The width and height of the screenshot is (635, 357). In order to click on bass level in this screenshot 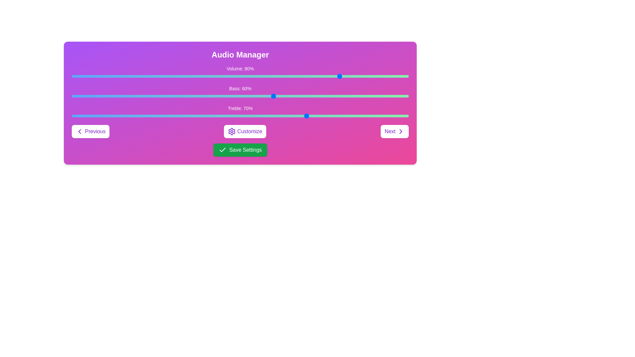, I will do `click(155, 96)`.